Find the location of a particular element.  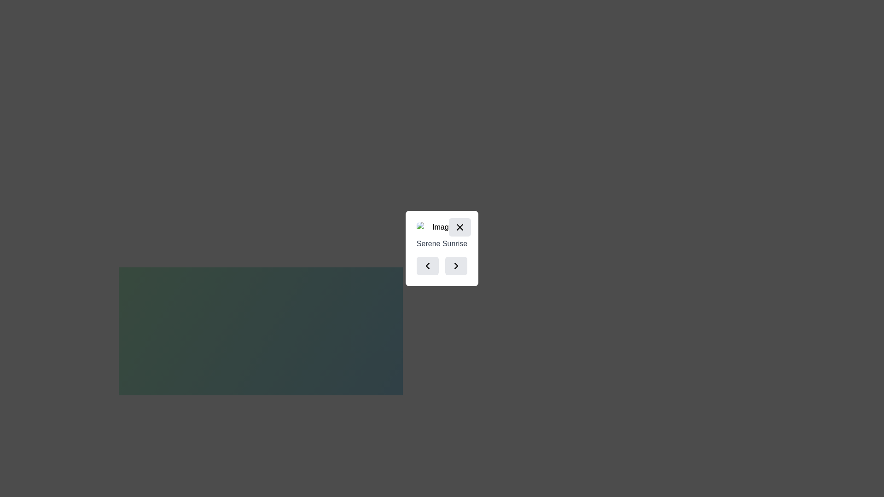

text label displaying 'Serene Sunrise', which is centered below an image preview area in a pop-up structure is located at coordinates (442, 243).